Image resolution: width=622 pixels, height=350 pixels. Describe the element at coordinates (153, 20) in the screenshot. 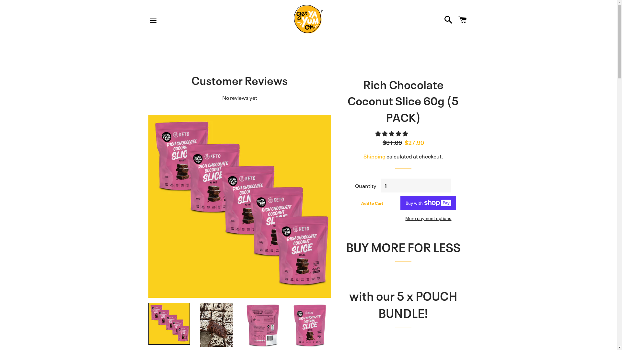

I see `'Site navigation'` at that location.